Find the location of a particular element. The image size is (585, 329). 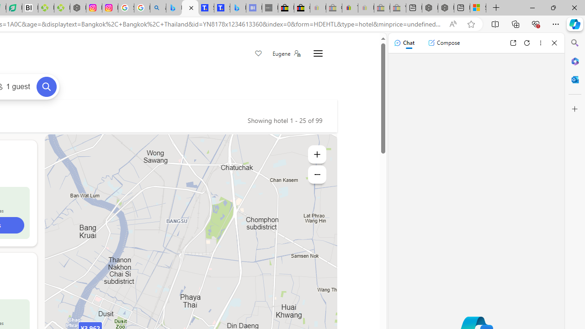

'Shangri-La Bangkok, Hotel reviews and Room rates' is located at coordinates (222, 8).